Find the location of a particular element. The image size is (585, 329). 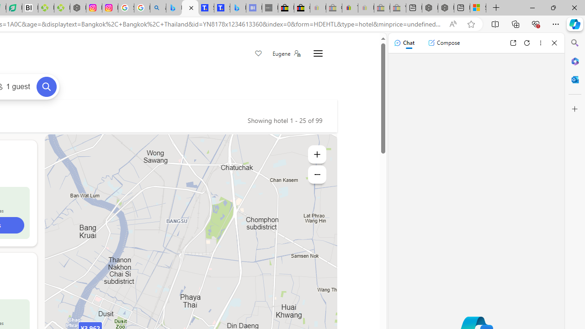

'Shangri-La Bangkok, Hotel reviews and Room rates' is located at coordinates (222, 8).